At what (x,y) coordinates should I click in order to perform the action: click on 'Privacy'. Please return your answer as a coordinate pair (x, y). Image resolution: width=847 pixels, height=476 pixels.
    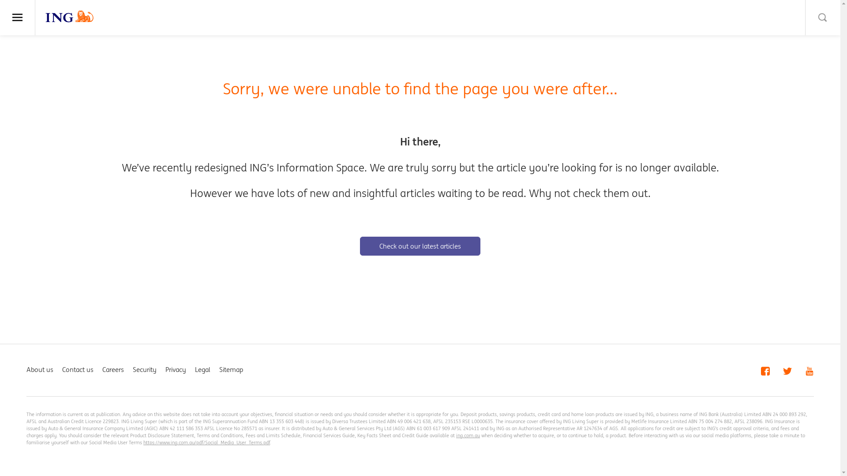
    Looking at the image, I should click on (176, 369).